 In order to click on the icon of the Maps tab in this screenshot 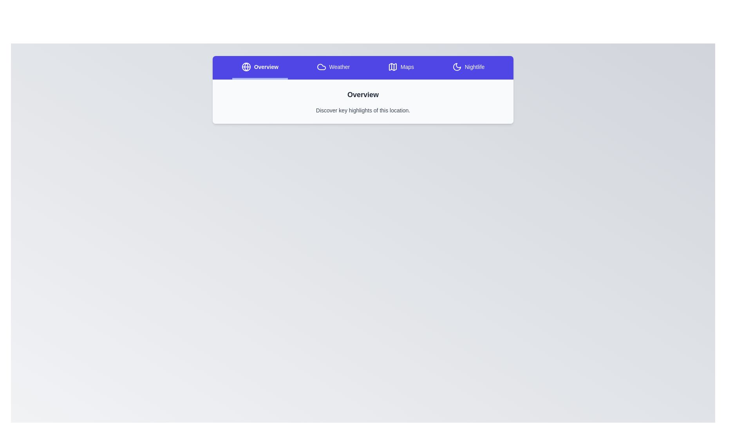, I will do `click(392, 66)`.